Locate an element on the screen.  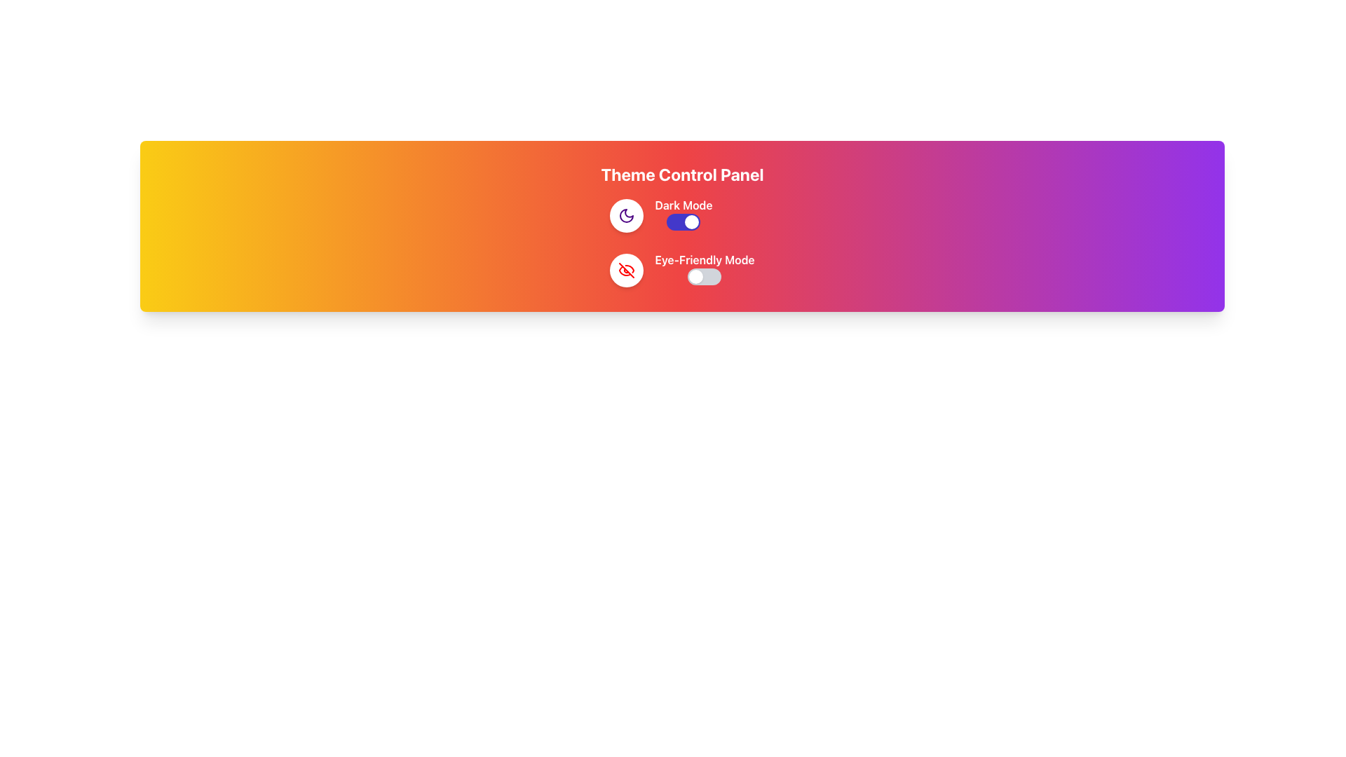
the small circular white knob located on the left end of the second toggle switch in the 'Theme Control Panel' interface is located at coordinates (696, 276).